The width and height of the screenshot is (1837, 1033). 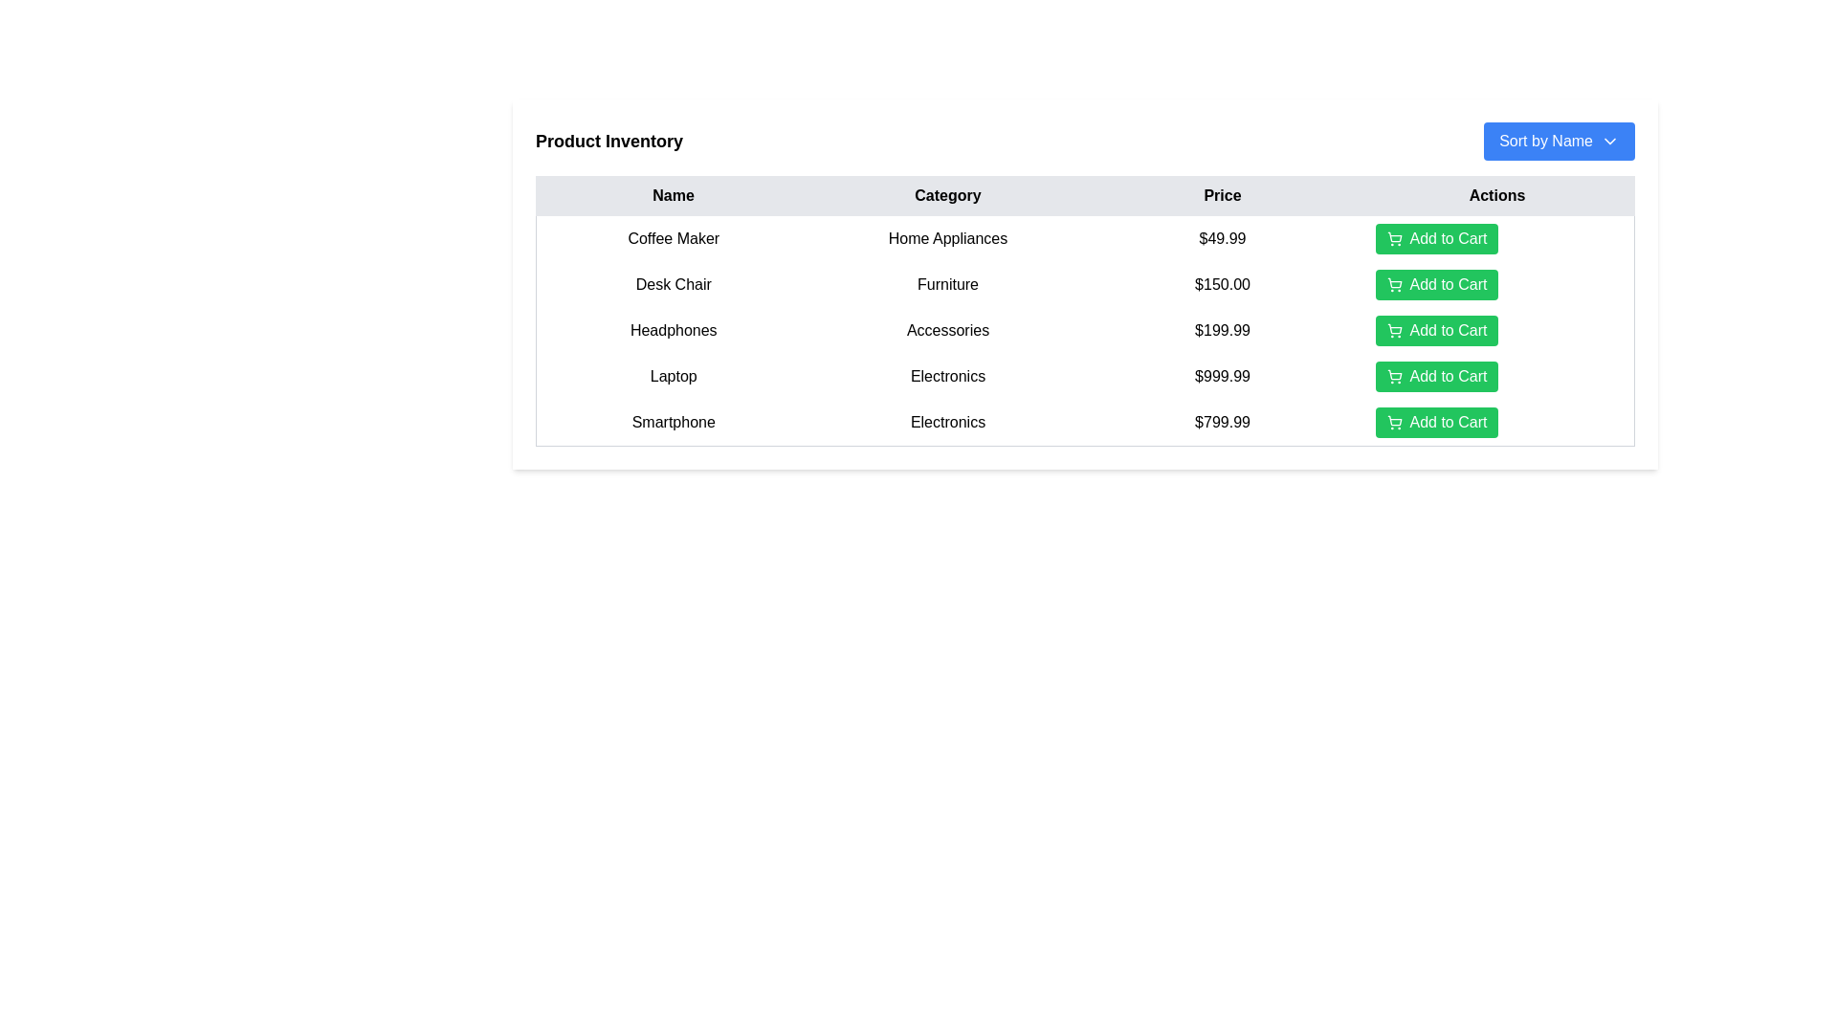 I want to click on the 'Add to Cart' button for the product 'Headphones' located in the 'Actions' column of the table layout, so click(x=1495, y=330).